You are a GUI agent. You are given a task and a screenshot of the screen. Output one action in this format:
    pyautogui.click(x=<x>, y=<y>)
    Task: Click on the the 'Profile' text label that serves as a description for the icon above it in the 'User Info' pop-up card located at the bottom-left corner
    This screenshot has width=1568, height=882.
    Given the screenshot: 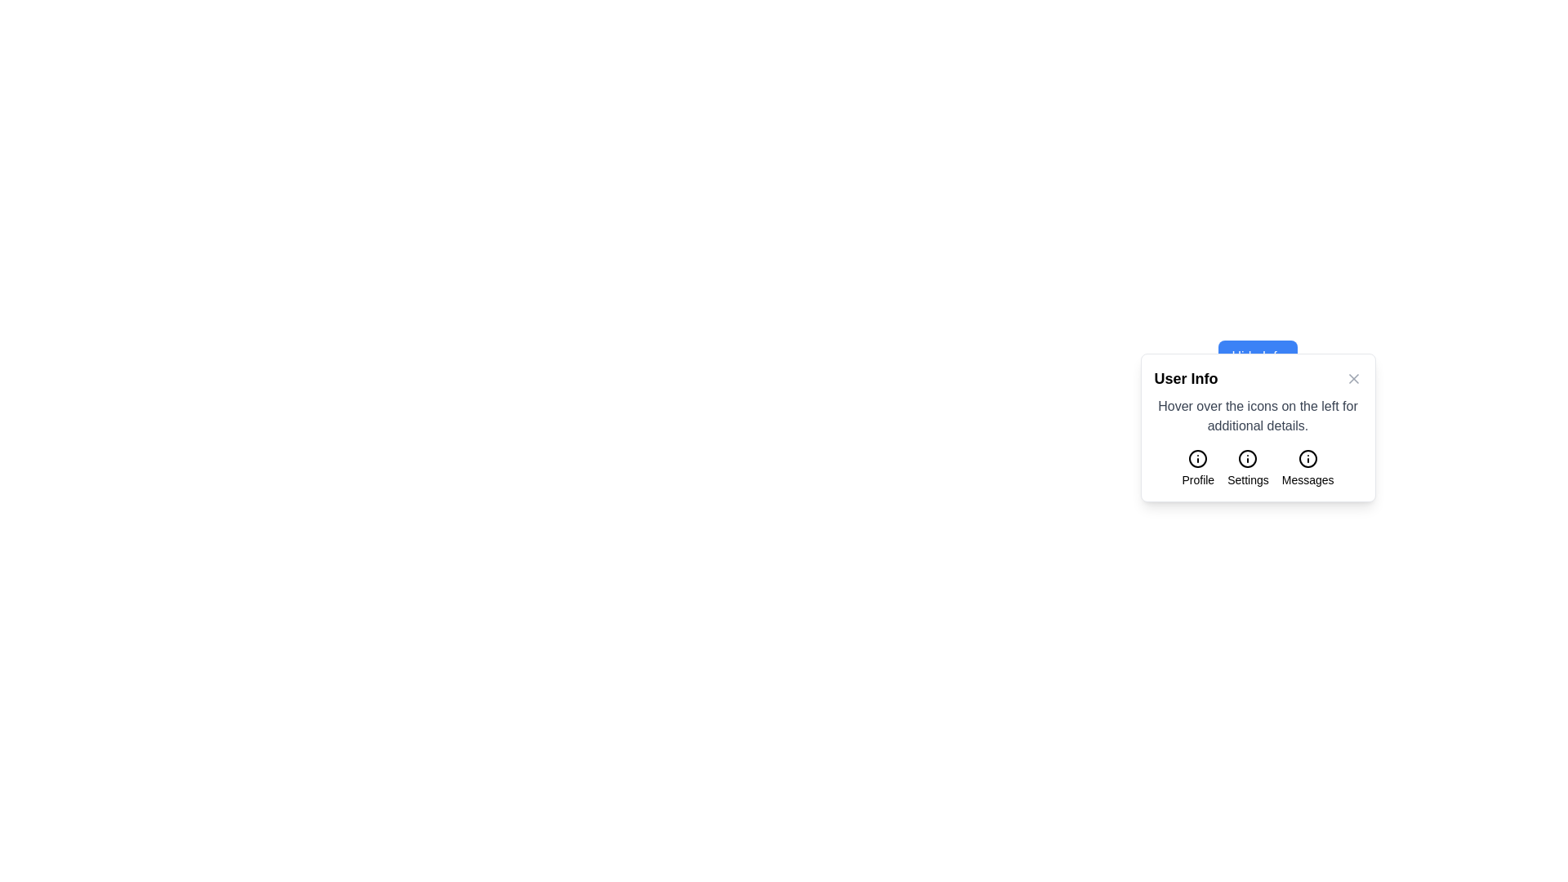 What is the action you would take?
    pyautogui.click(x=1198, y=479)
    